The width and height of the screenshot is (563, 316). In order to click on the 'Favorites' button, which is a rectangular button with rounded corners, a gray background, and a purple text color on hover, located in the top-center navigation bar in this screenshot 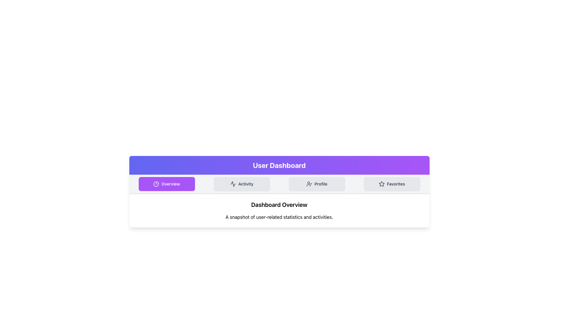, I will do `click(392, 183)`.